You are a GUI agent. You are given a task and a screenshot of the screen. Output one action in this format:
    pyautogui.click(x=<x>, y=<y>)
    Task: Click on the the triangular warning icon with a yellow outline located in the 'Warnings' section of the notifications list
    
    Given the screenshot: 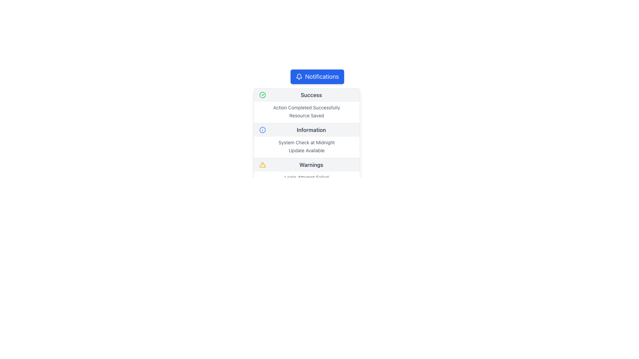 What is the action you would take?
    pyautogui.click(x=262, y=165)
    